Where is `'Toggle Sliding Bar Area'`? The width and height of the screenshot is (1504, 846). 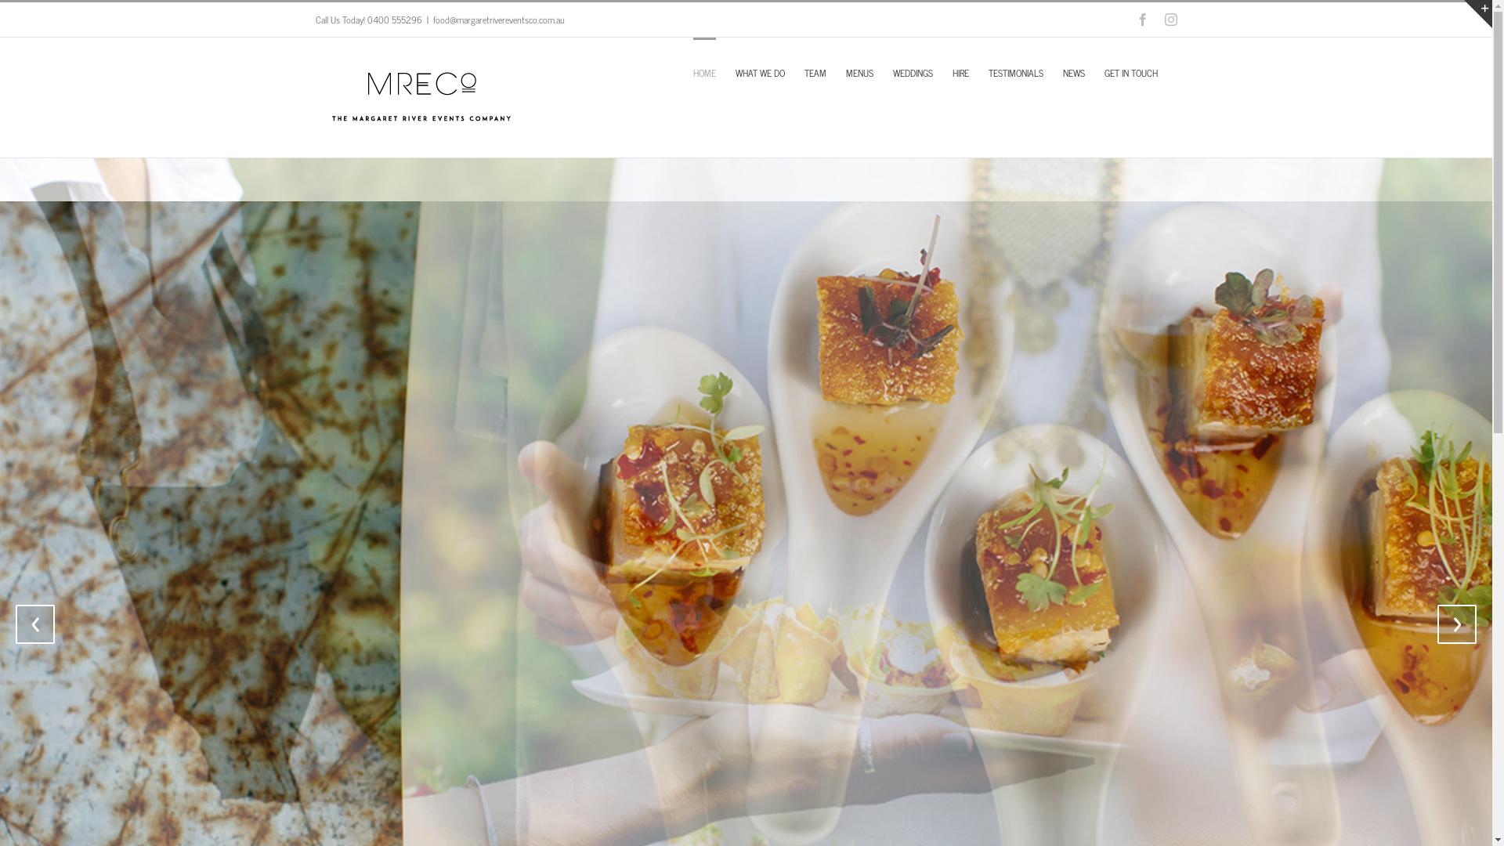 'Toggle Sliding Bar Area' is located at coordinates (1477, 14).